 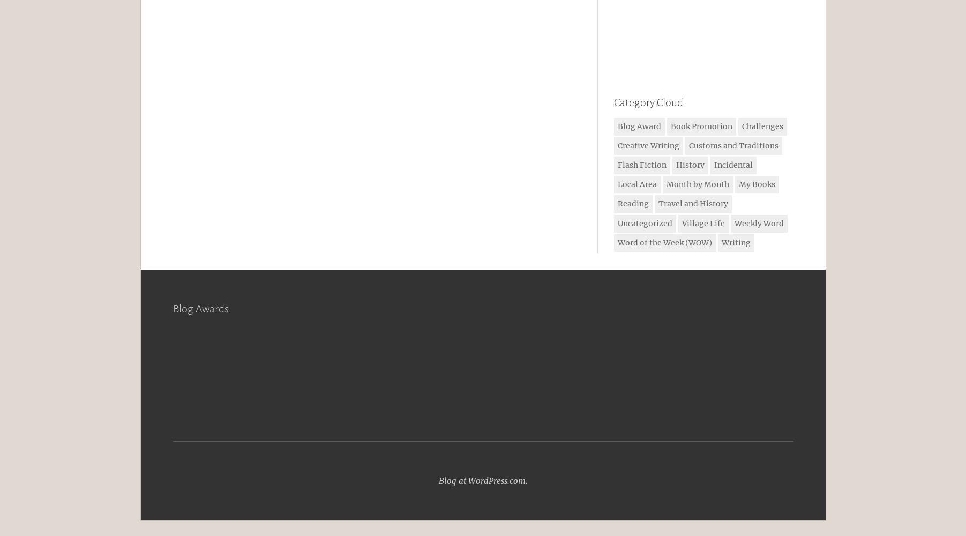 What do you see at coordinates (664, 242) in the screenshot?
I see `'Word of the Week (WOW)'` at bounding box center [664, 242].